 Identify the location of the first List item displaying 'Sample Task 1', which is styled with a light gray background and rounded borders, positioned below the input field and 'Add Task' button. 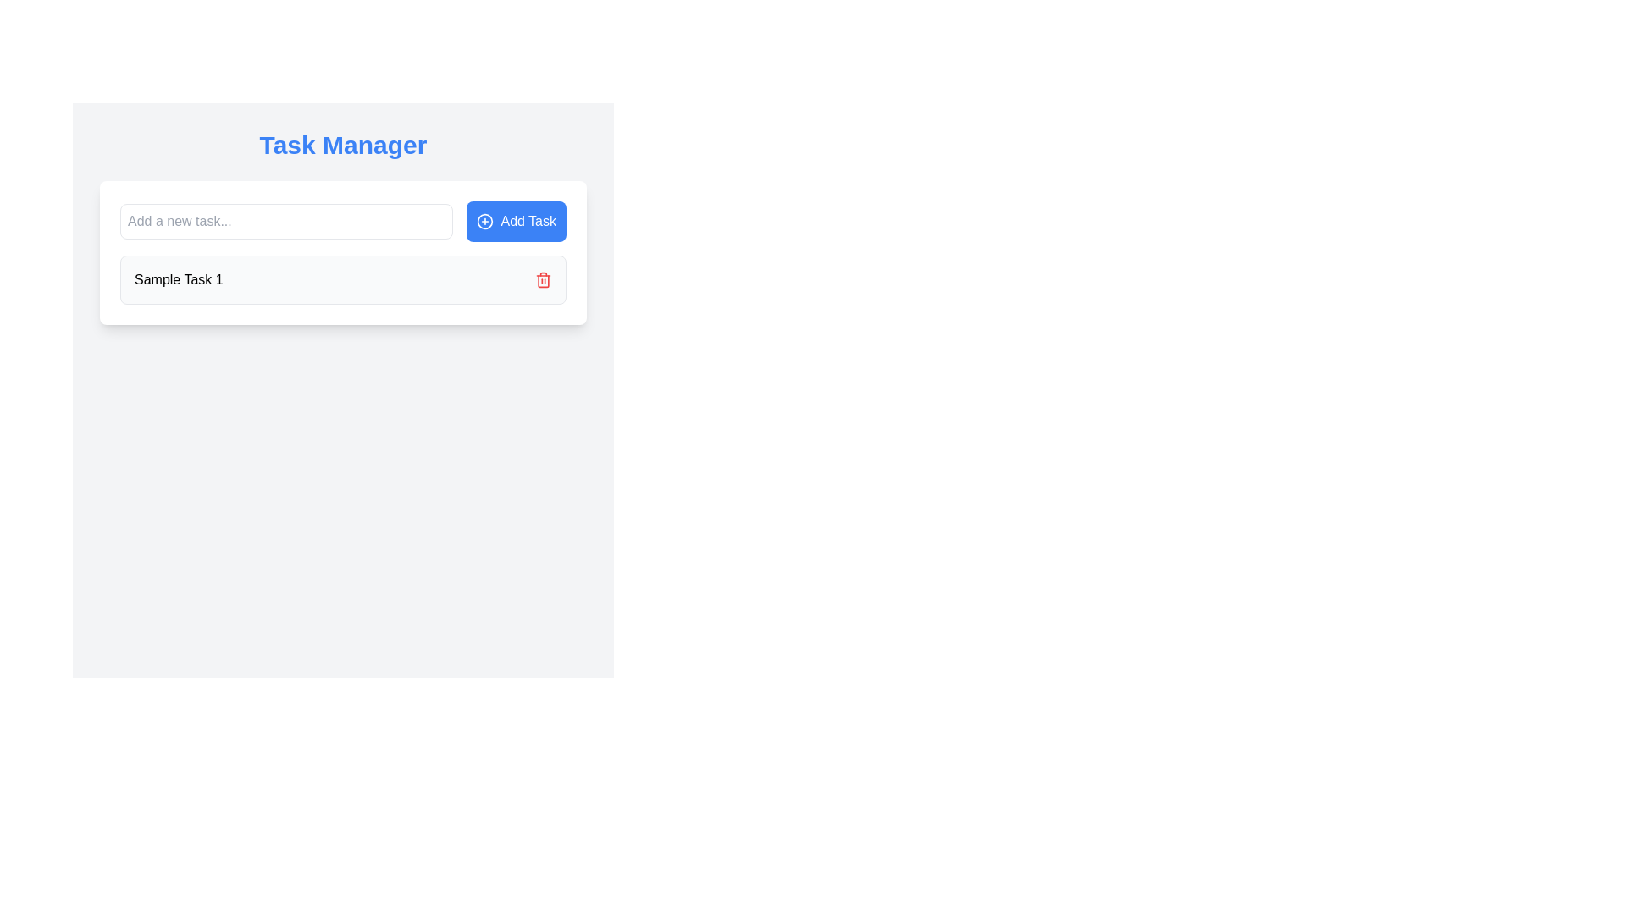
(342, 279).